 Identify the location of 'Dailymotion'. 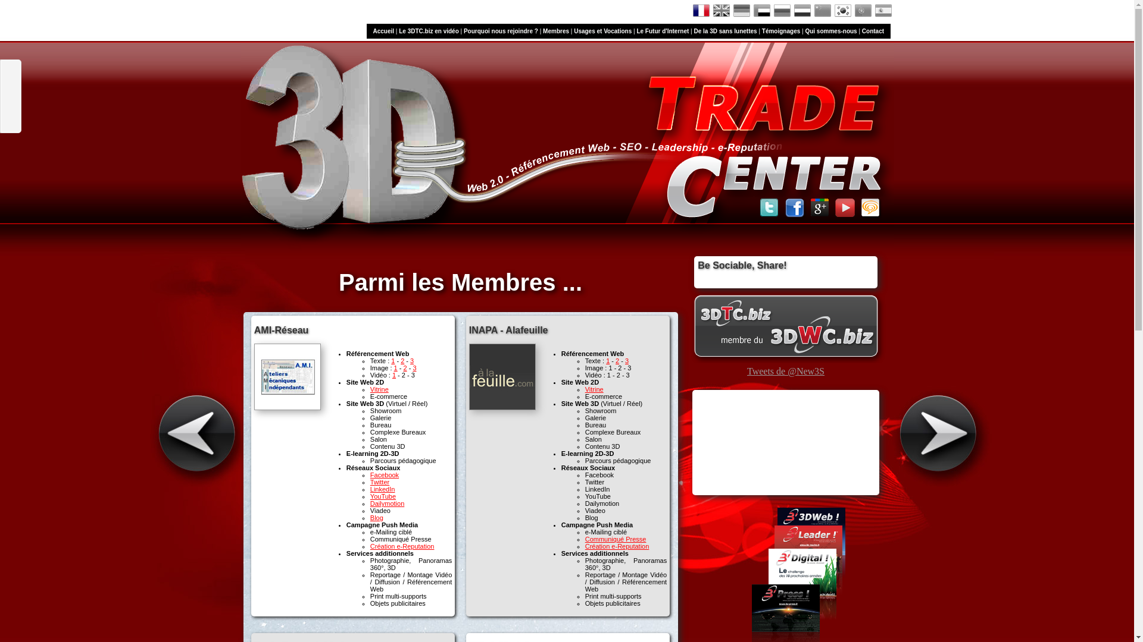
(387, 503).